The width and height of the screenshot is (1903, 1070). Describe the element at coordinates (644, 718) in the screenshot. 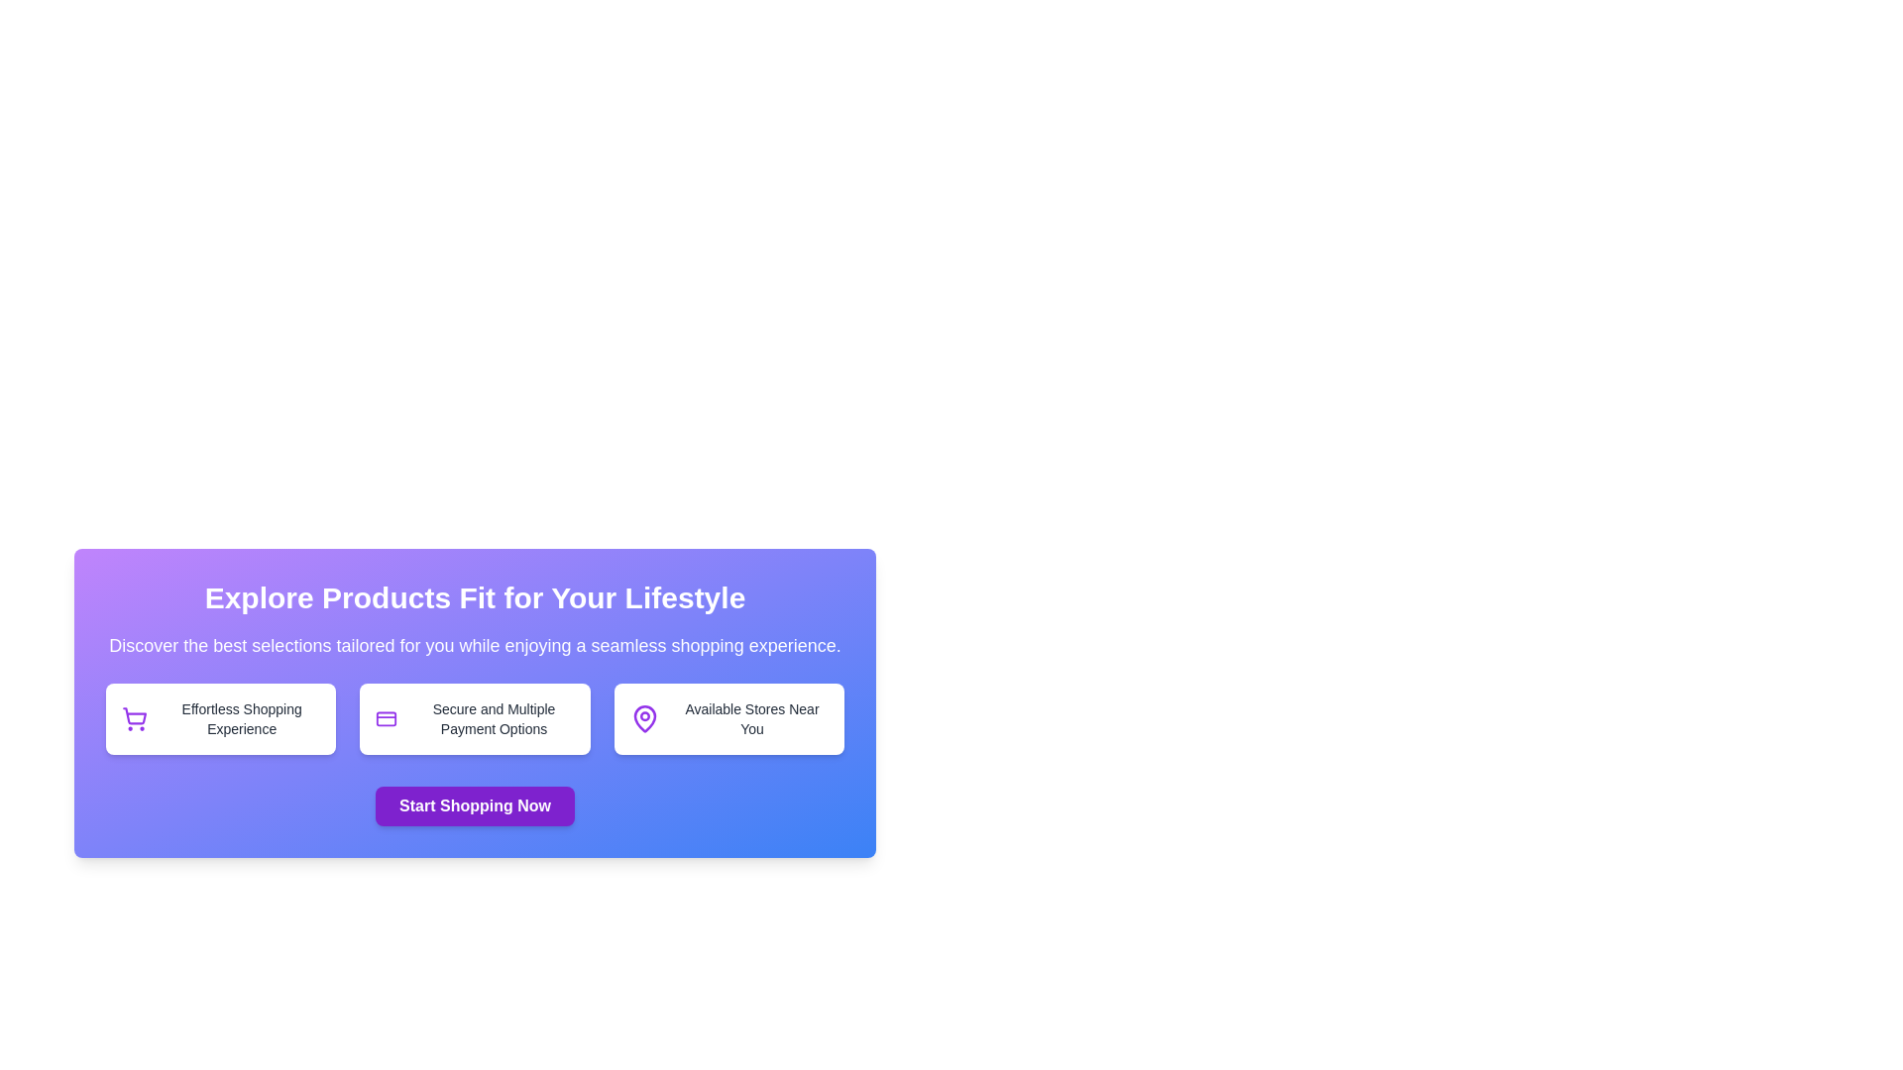

I see `the purple map pin icon located within the 'Available Stores Near You' group on the white card` at that location.